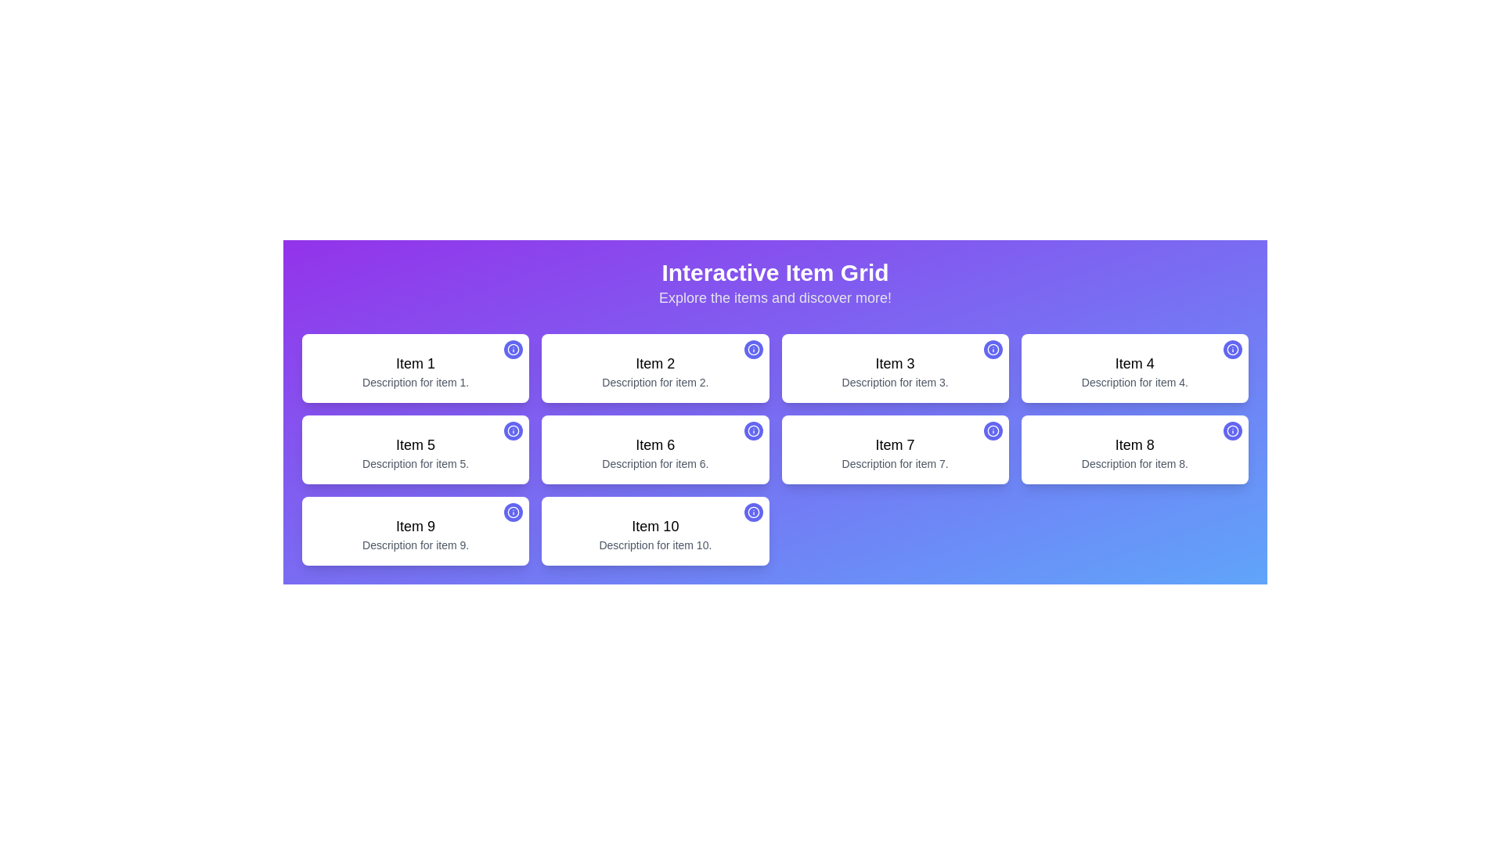 Image resolution: width=1503 pixels, height=845 pixels. I want to click on text label or heading located at the center of the top-left card of the grid, which serves as the title or identifier for the card's content, so click(416, 364).